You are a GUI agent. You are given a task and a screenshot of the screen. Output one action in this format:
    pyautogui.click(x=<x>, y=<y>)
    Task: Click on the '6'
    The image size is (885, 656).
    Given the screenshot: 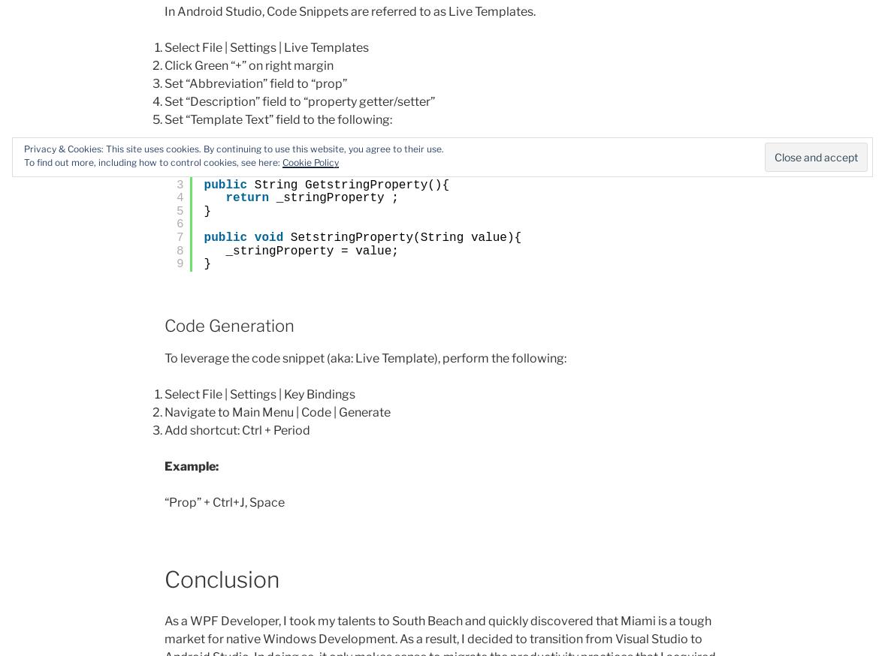 What is the action you would take?
    pyautogui.click(x=179, y=223)
    